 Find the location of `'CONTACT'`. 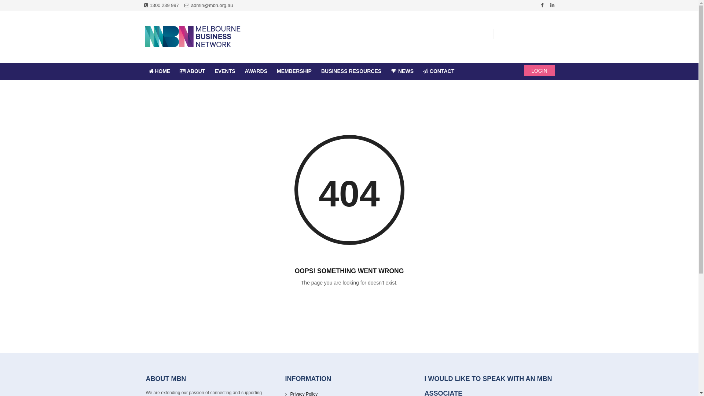

'CONTACT' is located at coordinates (439, 71).